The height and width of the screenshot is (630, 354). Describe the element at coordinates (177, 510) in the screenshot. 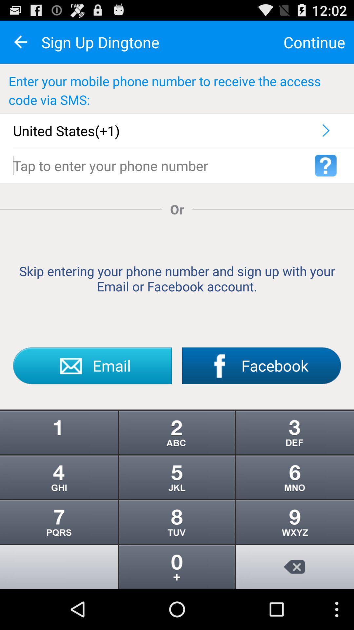

I see `the more icon` at that location.